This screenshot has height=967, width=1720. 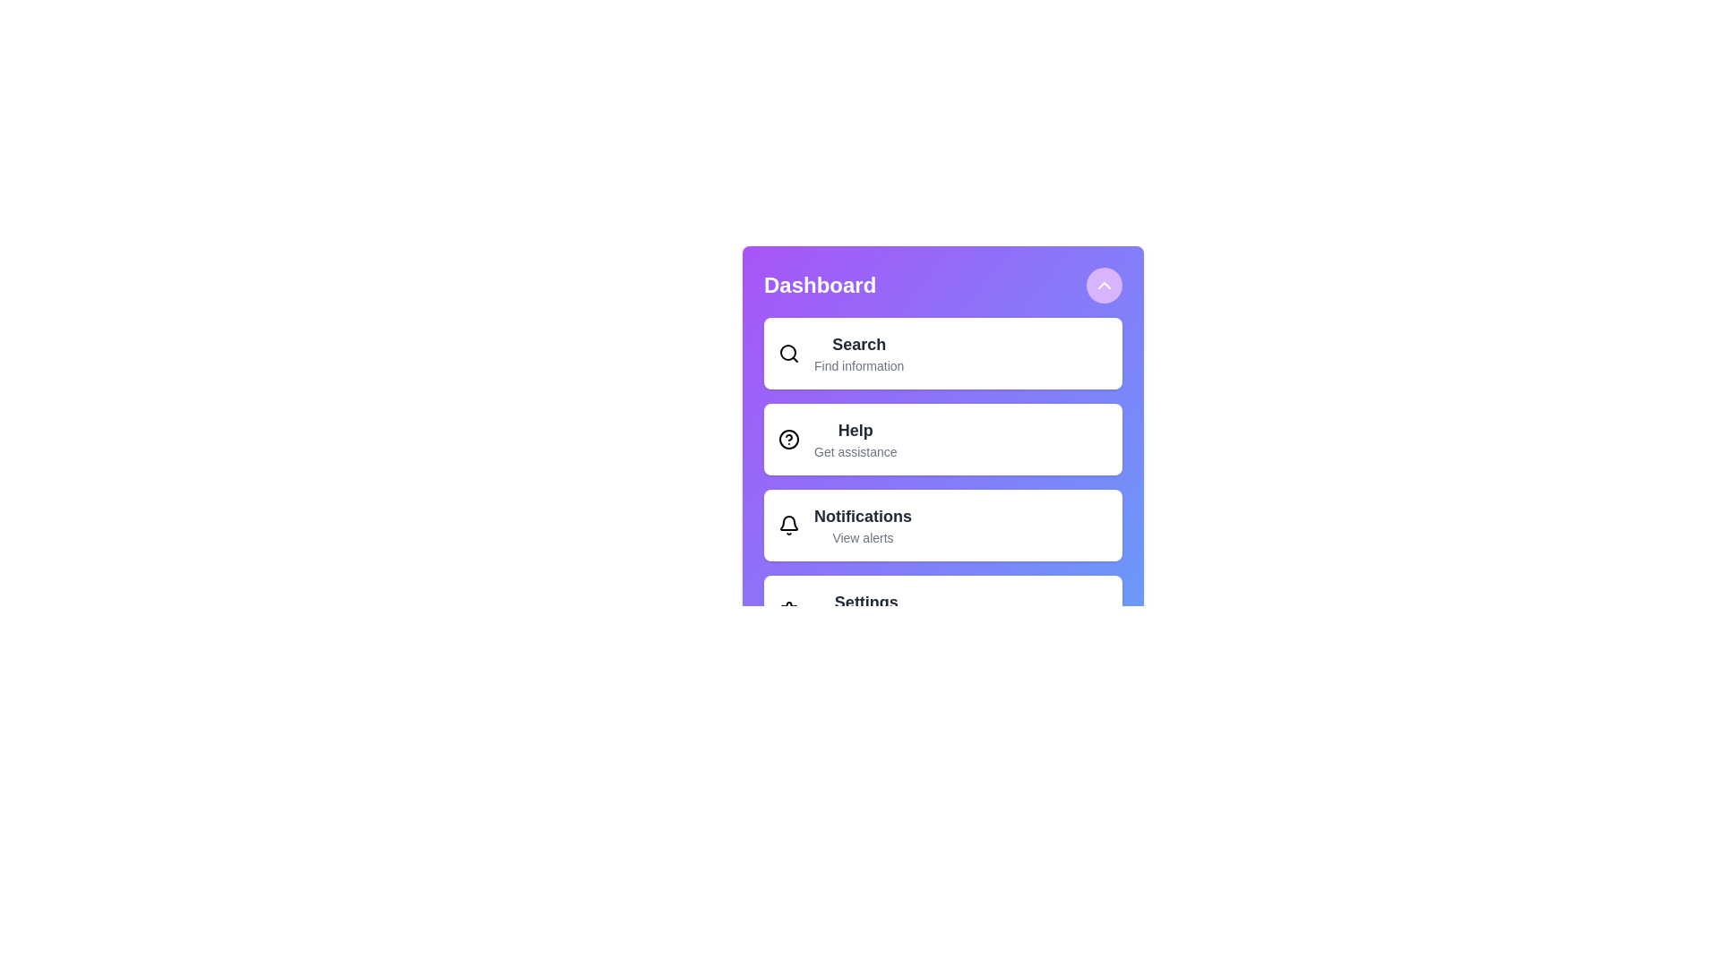 What do you see at coordinates (1104, 285) in the screenshot?
I see `the toggle button to change the menu visibility` at bounding box center [1104, 285].